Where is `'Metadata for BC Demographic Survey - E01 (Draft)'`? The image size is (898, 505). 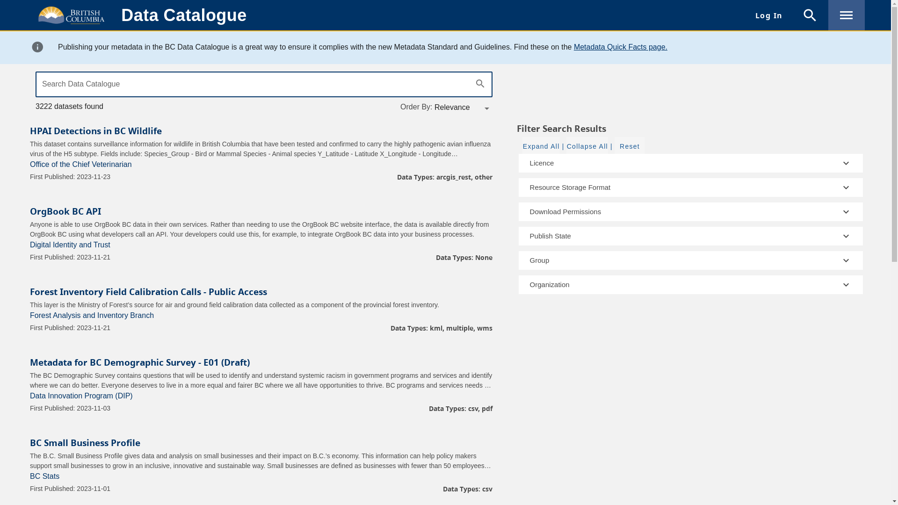
'Metadata for BC Demographic Survey - E01 (Draft)' is located at coordinates (139, 361).